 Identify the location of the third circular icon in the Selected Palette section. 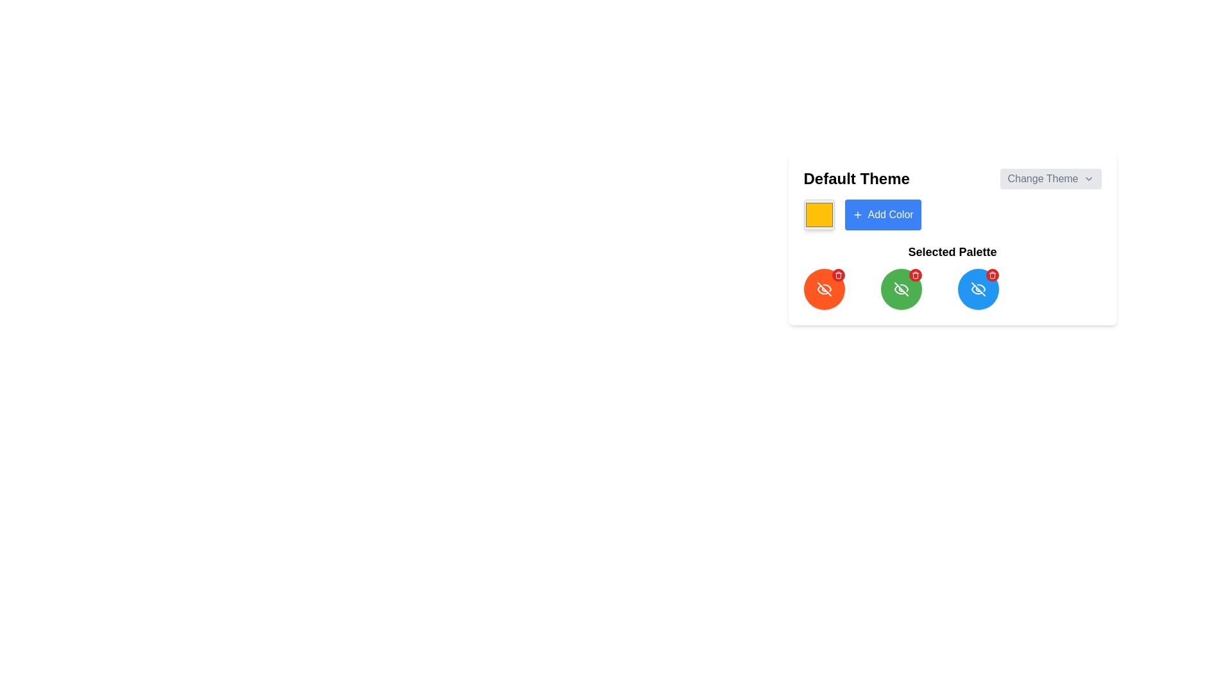
(977, 289).